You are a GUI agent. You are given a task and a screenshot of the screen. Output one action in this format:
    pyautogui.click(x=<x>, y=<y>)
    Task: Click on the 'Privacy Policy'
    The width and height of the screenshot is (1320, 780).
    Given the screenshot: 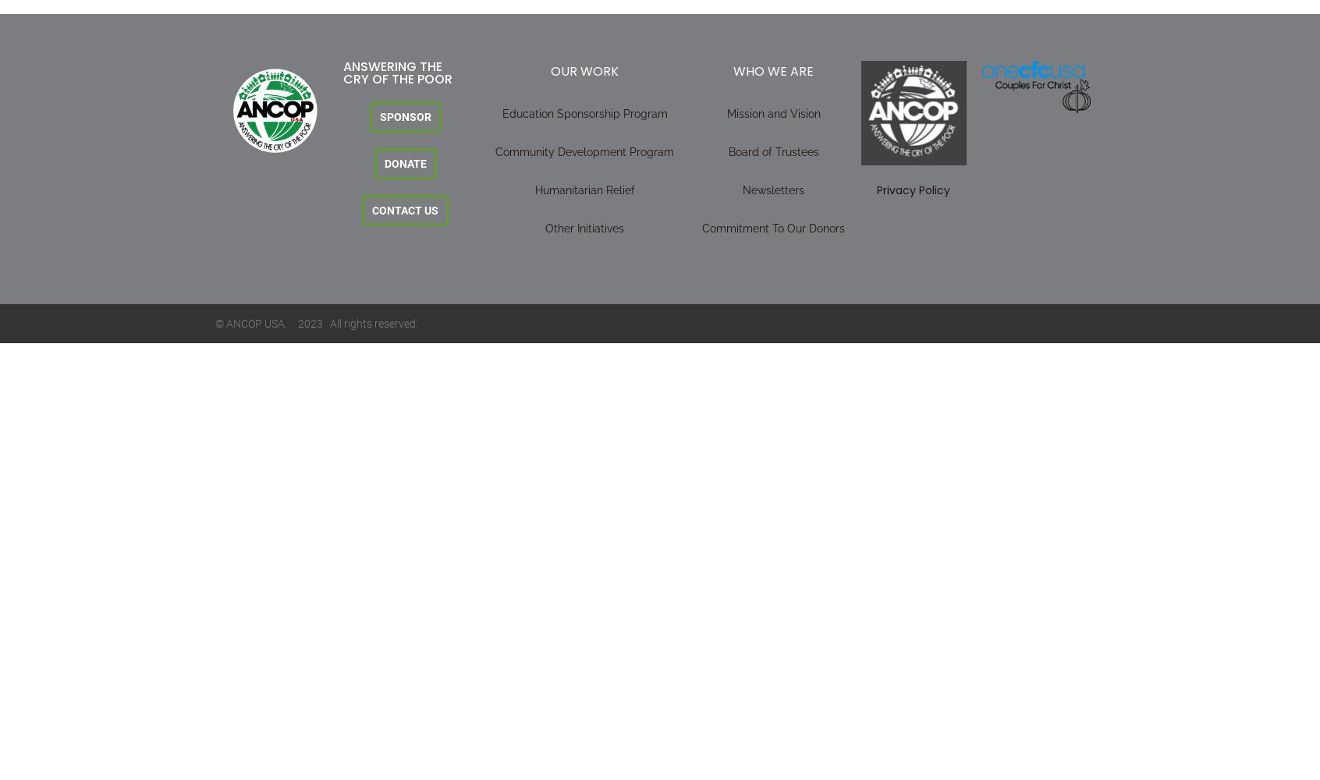 What is the action you would take?
    pyautogui.click(x=913, y=190)
    